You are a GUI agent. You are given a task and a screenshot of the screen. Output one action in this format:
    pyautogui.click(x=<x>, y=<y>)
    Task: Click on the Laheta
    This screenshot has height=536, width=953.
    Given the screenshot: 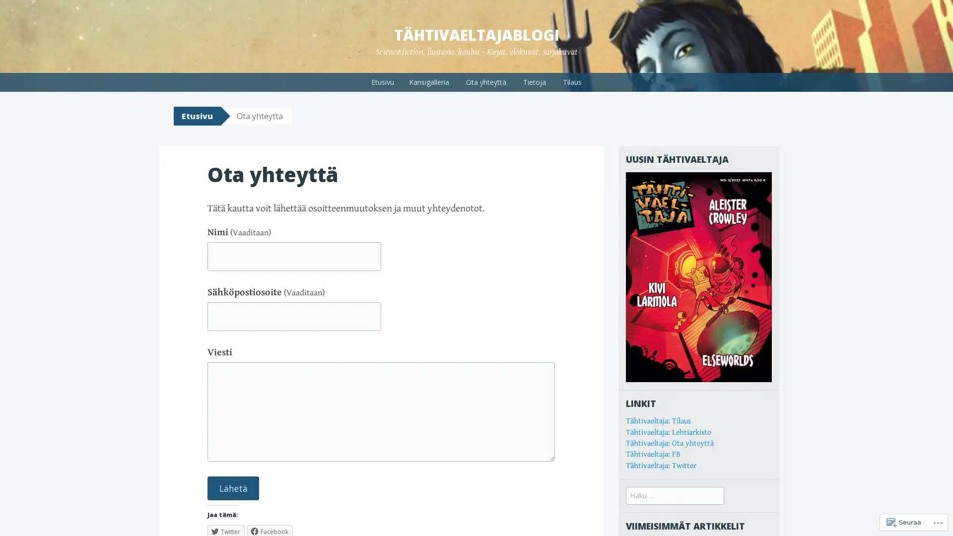 What is the action you would take?
    pyautogui.click(x=233, y=487)
    